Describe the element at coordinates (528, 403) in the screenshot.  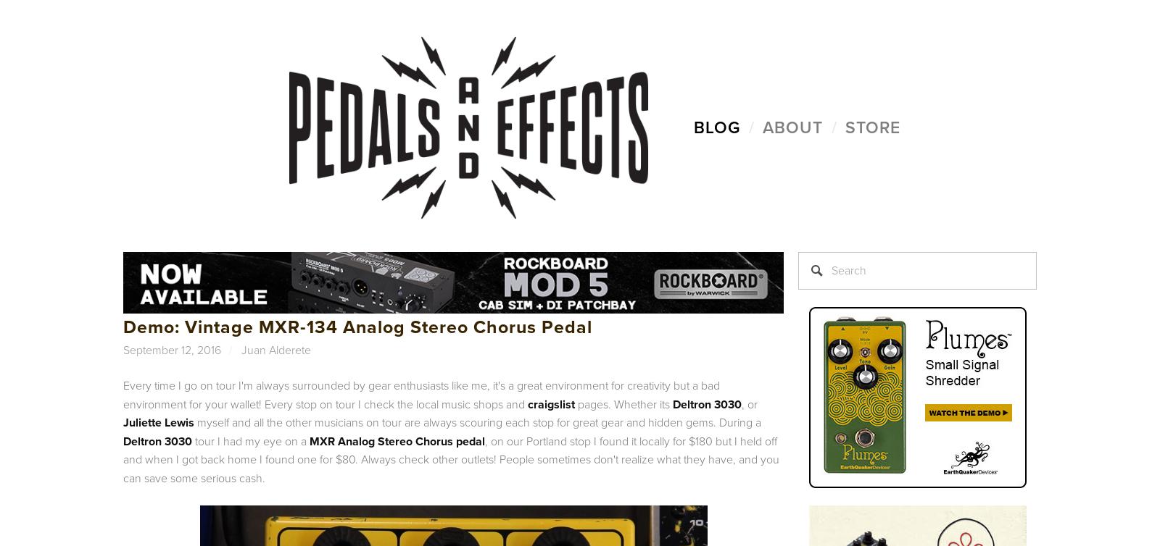
I see `'craigslist'` at that location.